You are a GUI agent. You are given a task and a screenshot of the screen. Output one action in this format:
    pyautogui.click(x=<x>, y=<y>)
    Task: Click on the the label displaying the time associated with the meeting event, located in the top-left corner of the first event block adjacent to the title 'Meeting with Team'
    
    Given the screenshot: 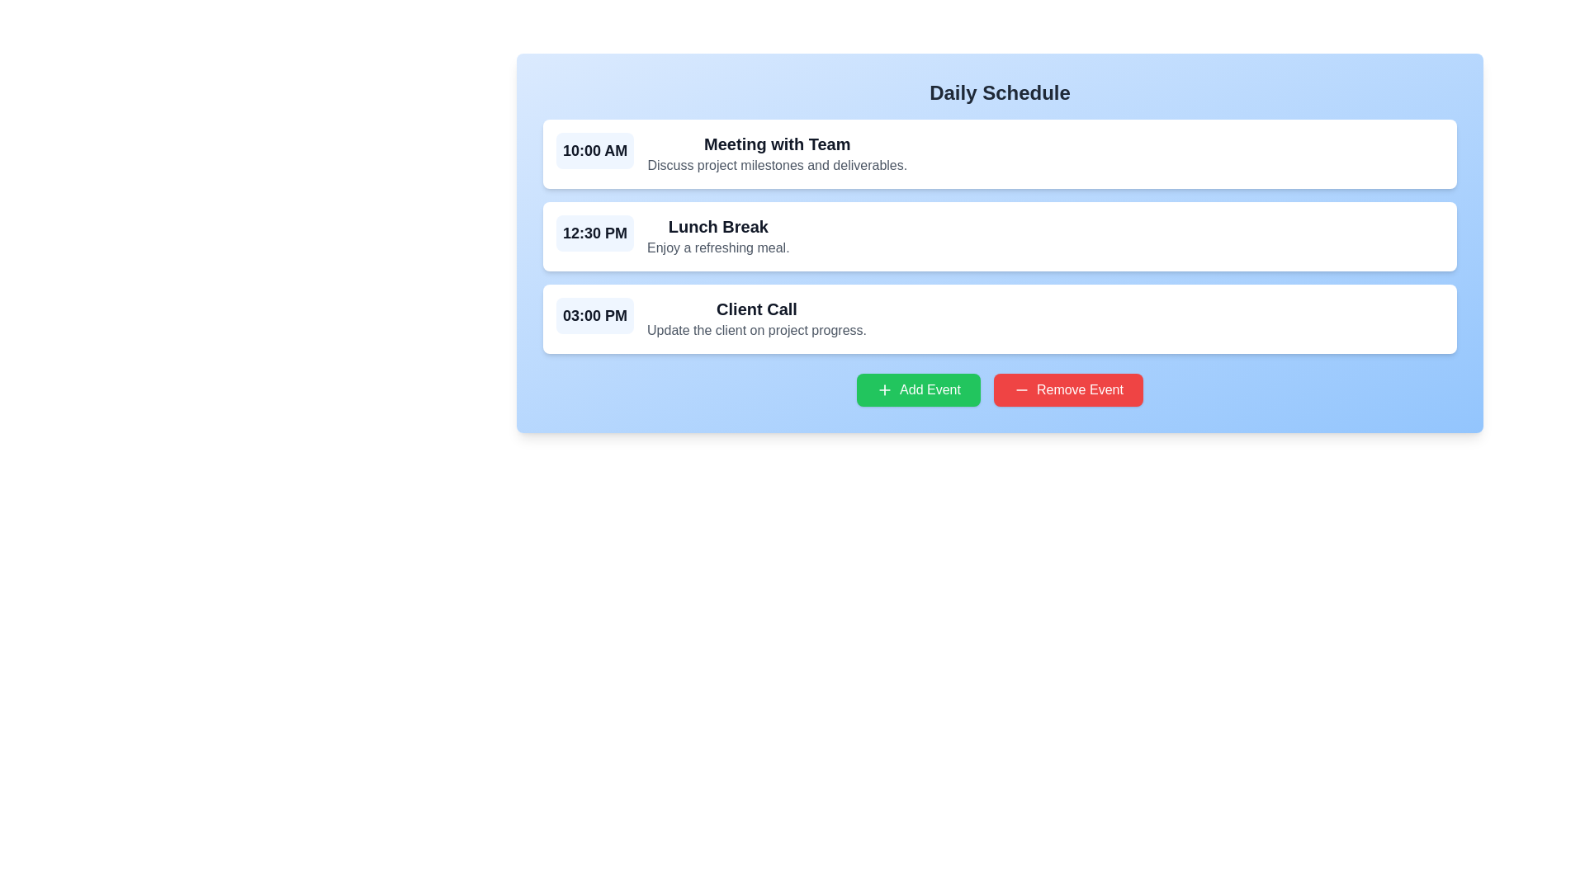 What is the action you would take?
    pyautogui.click(x=594, y=150)
    